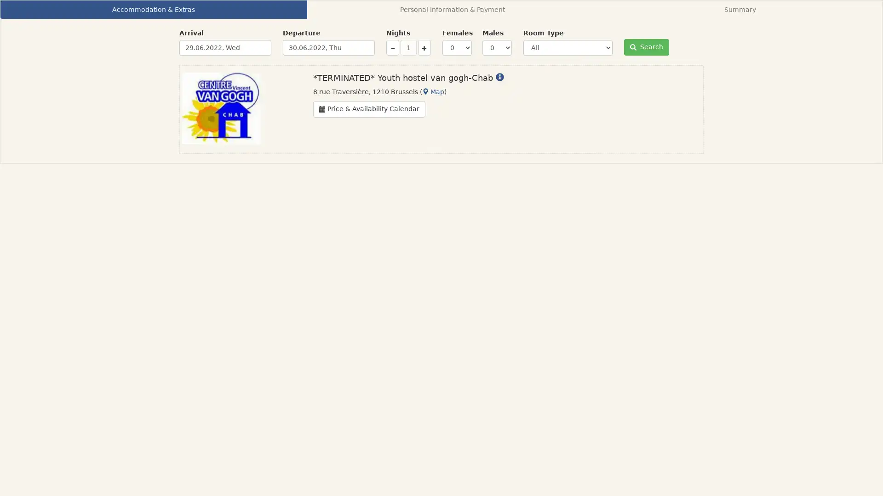 The height and width of the screenshot is (496, 883). What do you see at coordinates (424, 48) in the screenshot?
I see `Nights` at bounding box center [424, 48].